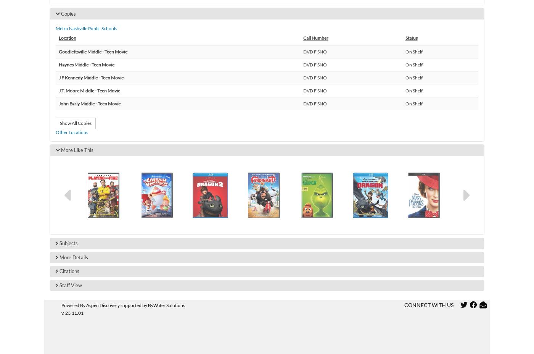 The height and width of the screenshot is (354, 534). I want to click on 'Goodlettsville Elementary', so click(78, 110).